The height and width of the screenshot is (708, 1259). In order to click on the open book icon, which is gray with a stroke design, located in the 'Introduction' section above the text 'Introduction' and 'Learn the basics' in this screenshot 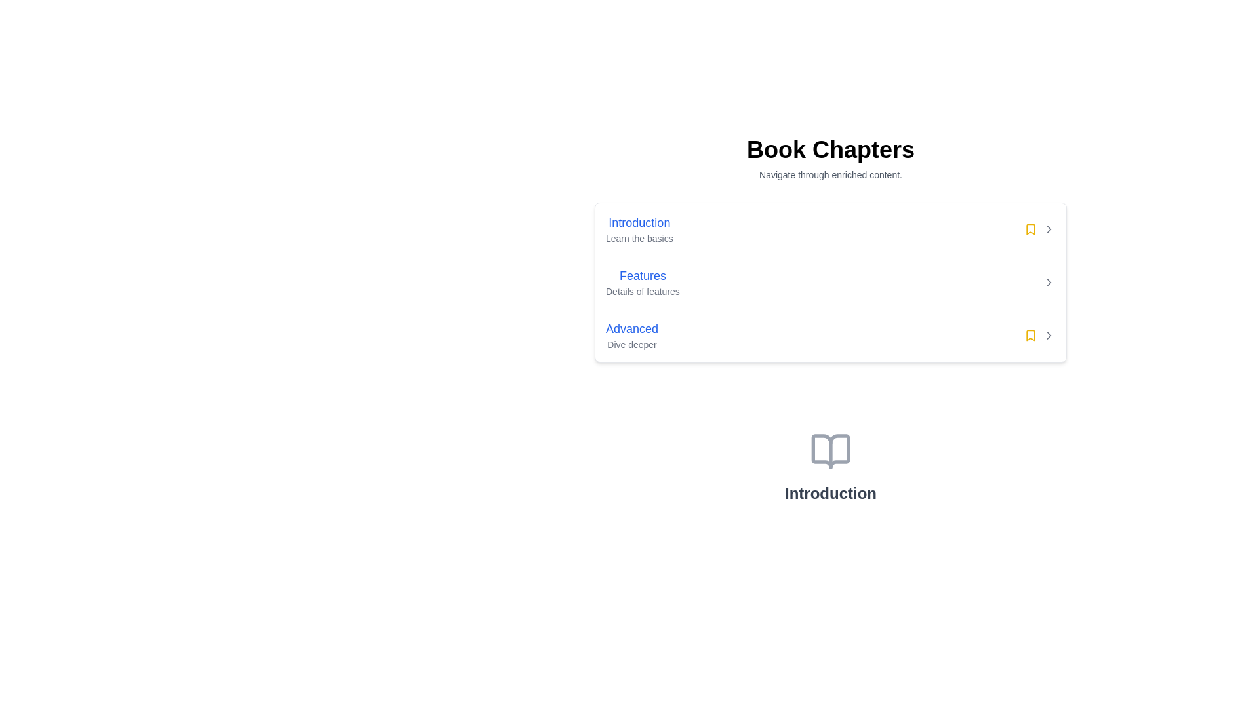, I will do `click(830, 451)`.